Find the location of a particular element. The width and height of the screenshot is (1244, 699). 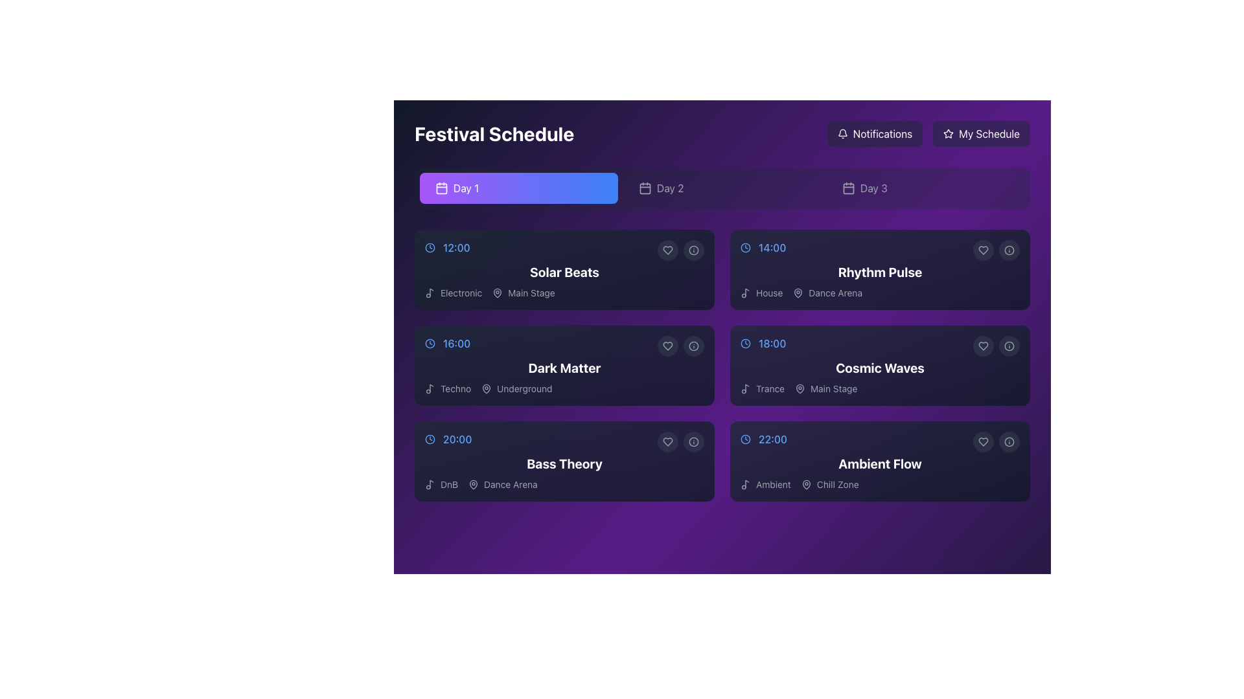

the location marker icon next to the 'Electronic' label under the 'Solar Beats' item in the festival schedule for 'Day 1' is located at coordinates (497, 293).